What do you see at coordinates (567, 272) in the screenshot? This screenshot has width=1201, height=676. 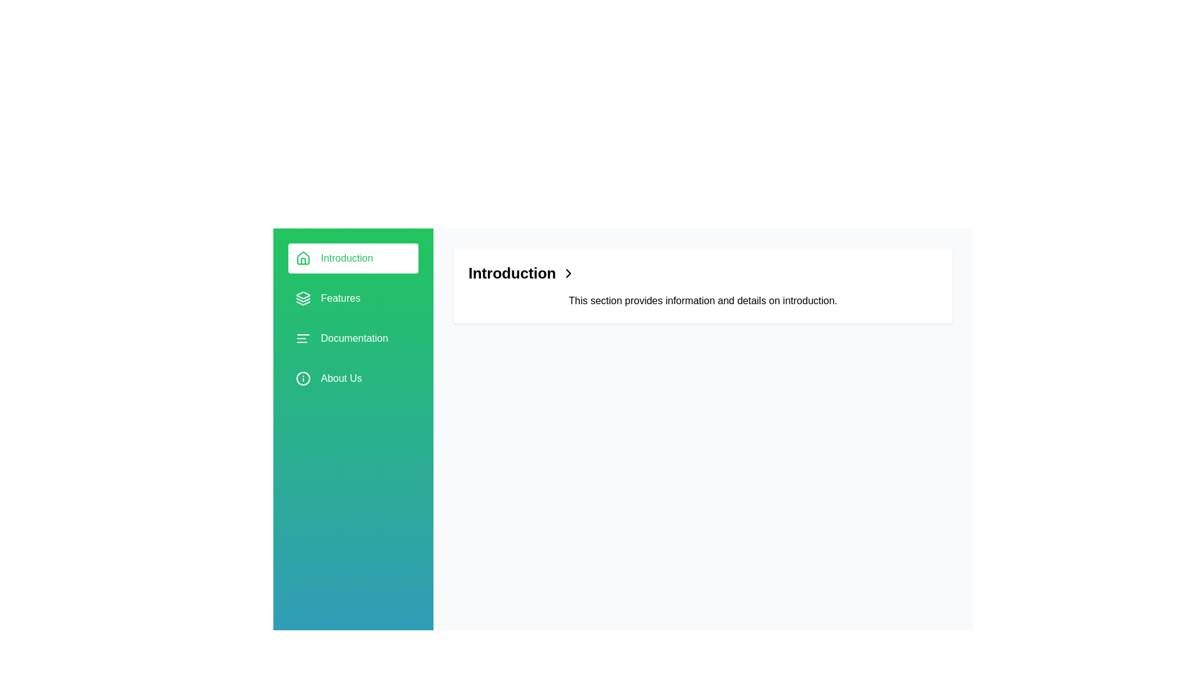 I see `the Chevron icon` at bounding box center [567, 272].